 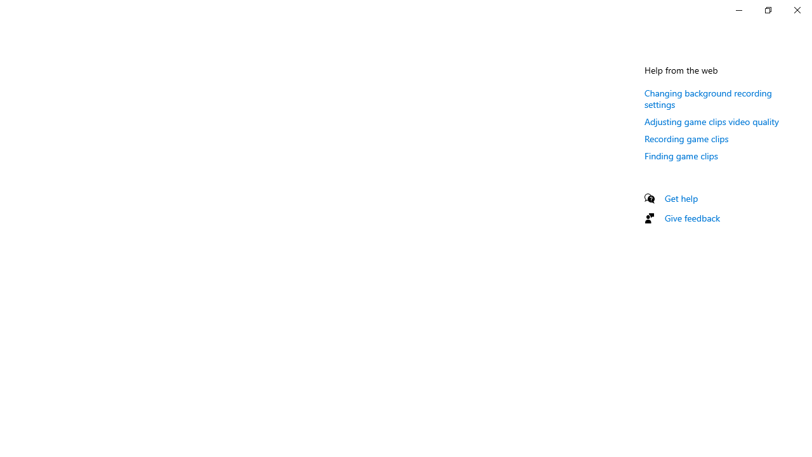 I want to click on 'Changing background recording settings', so click(x=707, y=98).